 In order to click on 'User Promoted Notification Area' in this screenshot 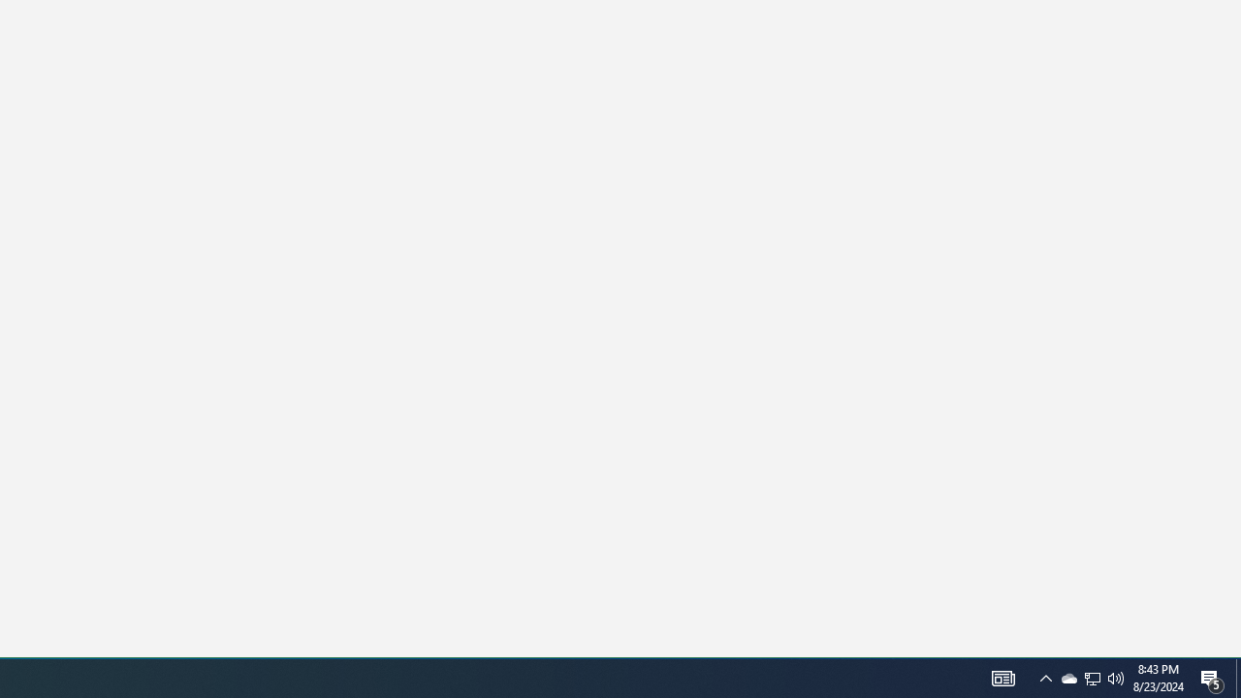, I will do `click(1116, 677)`.